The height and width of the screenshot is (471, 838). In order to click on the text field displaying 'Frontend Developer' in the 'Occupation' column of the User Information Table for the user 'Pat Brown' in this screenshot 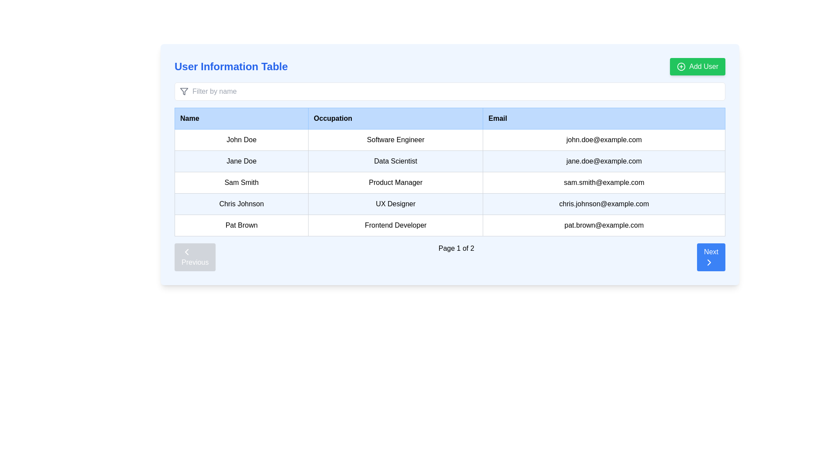, I will do `click(395, 225)`.